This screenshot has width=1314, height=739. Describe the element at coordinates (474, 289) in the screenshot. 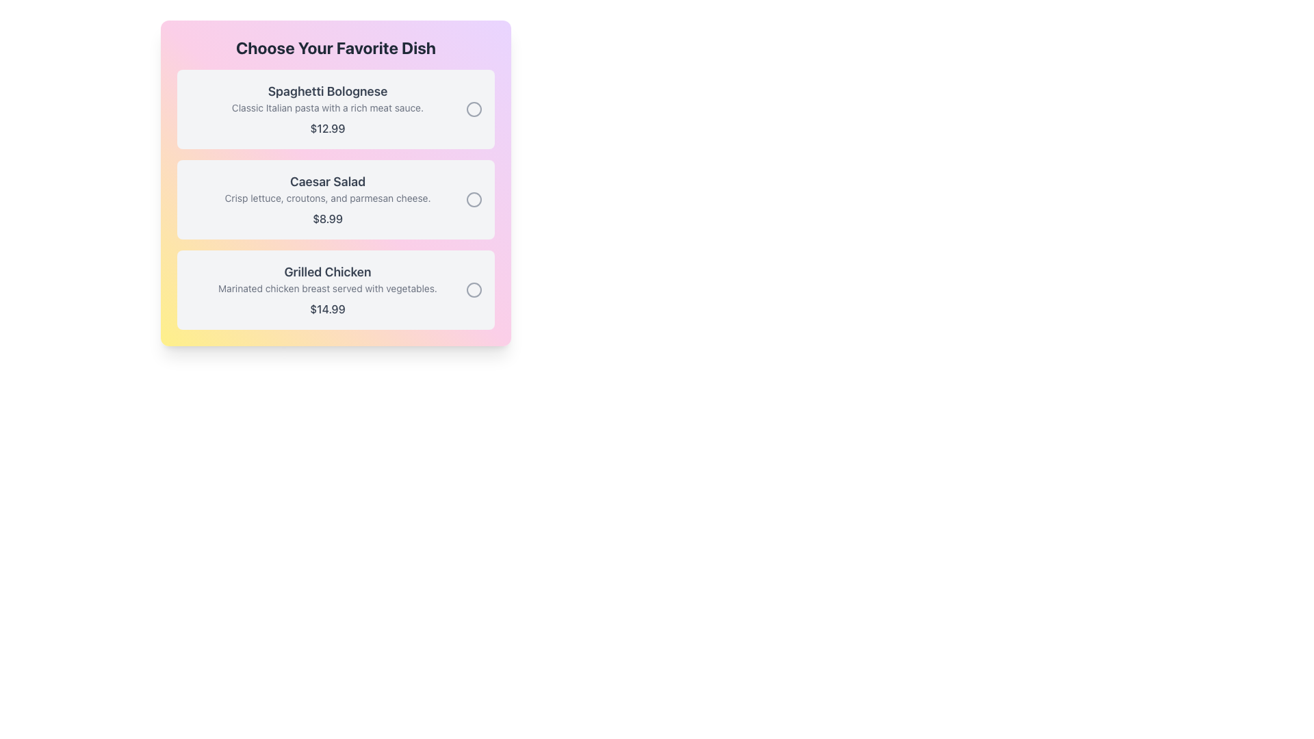

I see `the radio button` at that location.